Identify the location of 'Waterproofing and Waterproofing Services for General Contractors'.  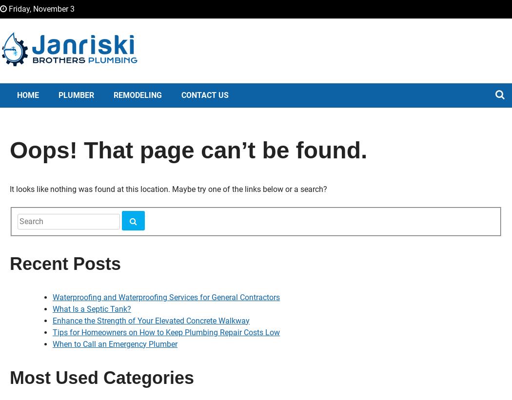
(166, 297).